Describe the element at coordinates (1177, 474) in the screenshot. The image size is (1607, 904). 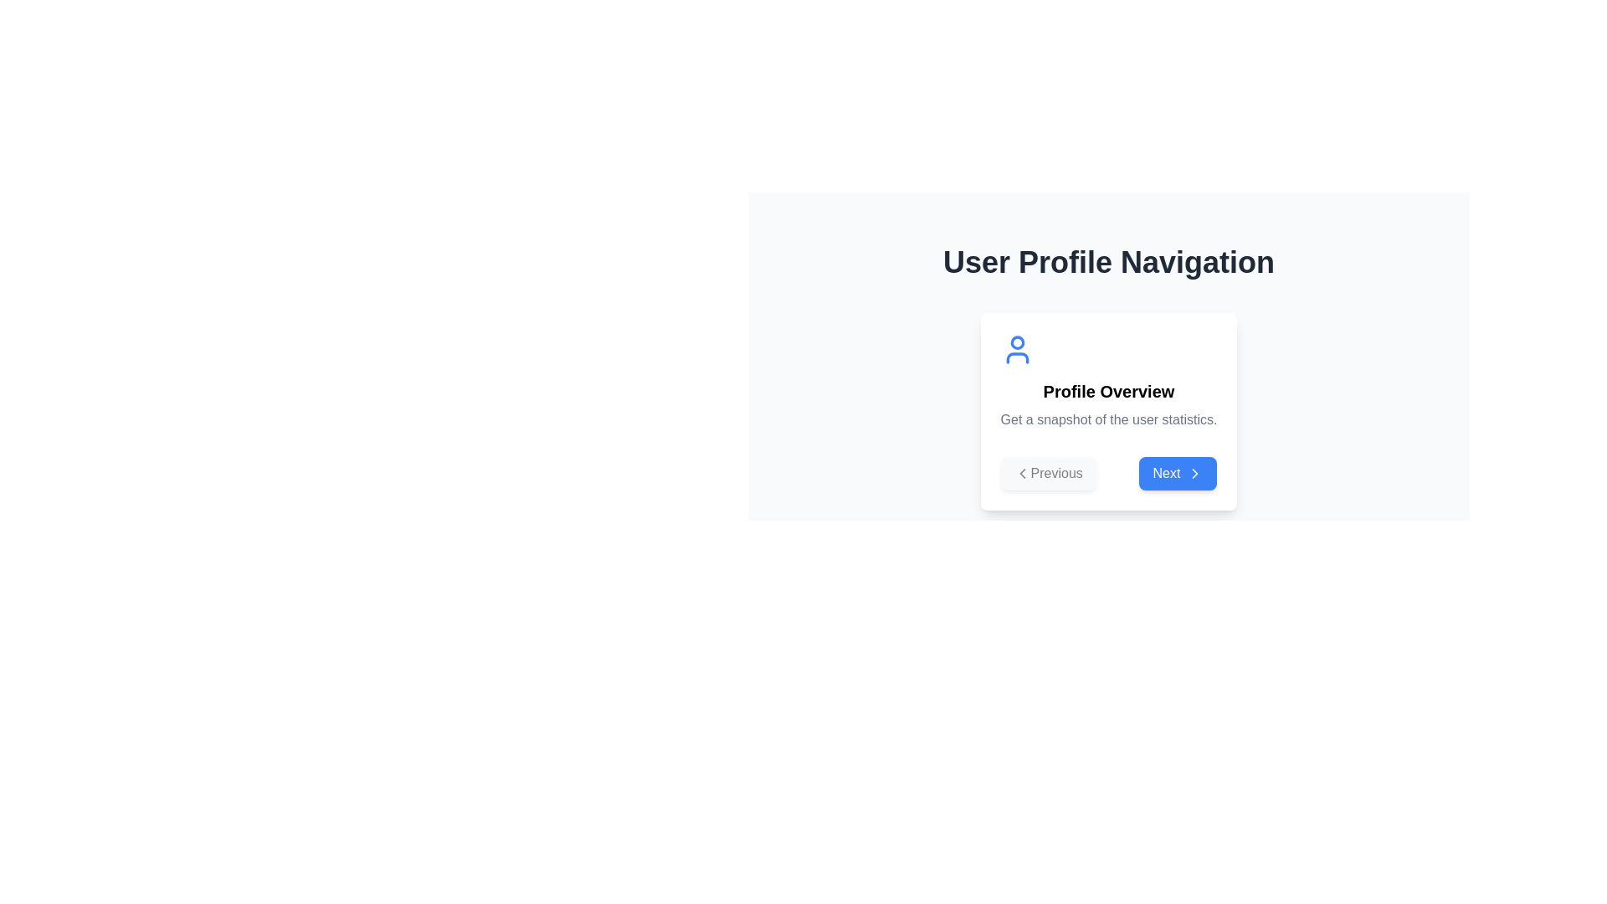
I see `the 'Next' button, which is a rectangular button with rounded corners, blue background, and white text, located in the navigation bar below 'Profile Overview'` at that location.